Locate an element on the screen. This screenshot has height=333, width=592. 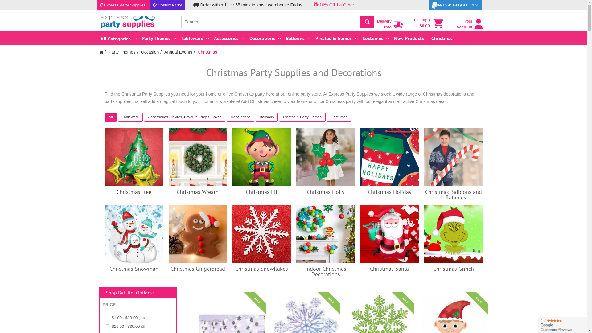
'Delivery is located at coordinates (390, 23).